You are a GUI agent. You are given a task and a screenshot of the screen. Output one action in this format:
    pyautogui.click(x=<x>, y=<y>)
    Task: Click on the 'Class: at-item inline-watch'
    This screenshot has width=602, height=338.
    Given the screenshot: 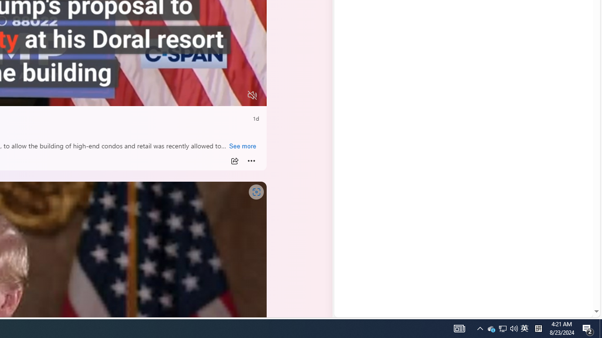 What is the action you would take?
    pyautogui.click(x=251, y=161)
    